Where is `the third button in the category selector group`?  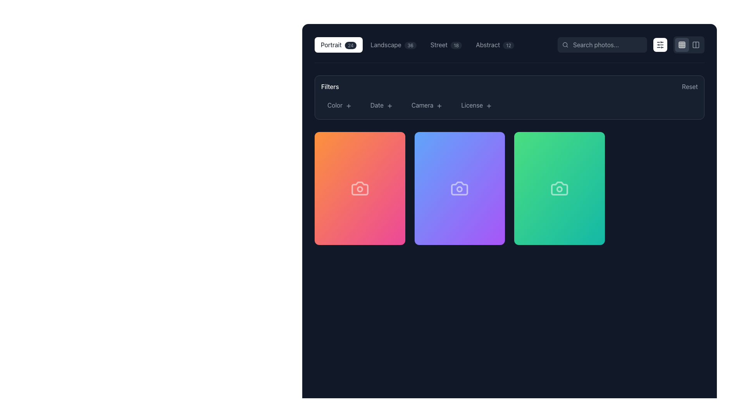 the third button in the category selector group is located at coordinates (446, 45).